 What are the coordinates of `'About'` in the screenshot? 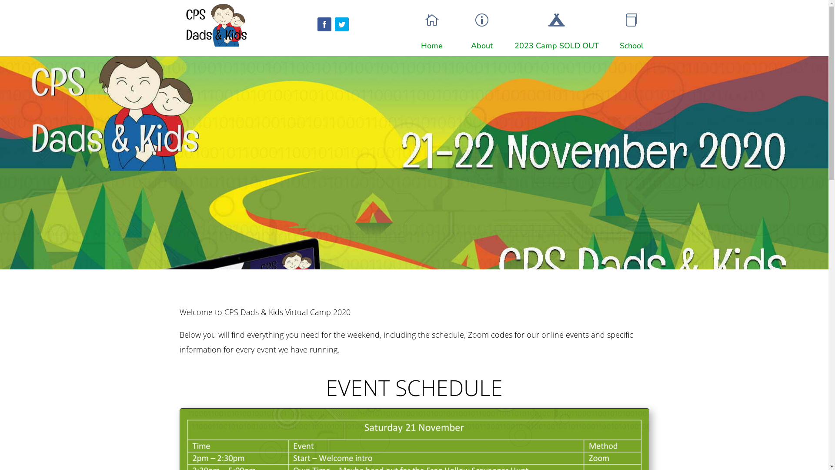 It's located at (481, 45).